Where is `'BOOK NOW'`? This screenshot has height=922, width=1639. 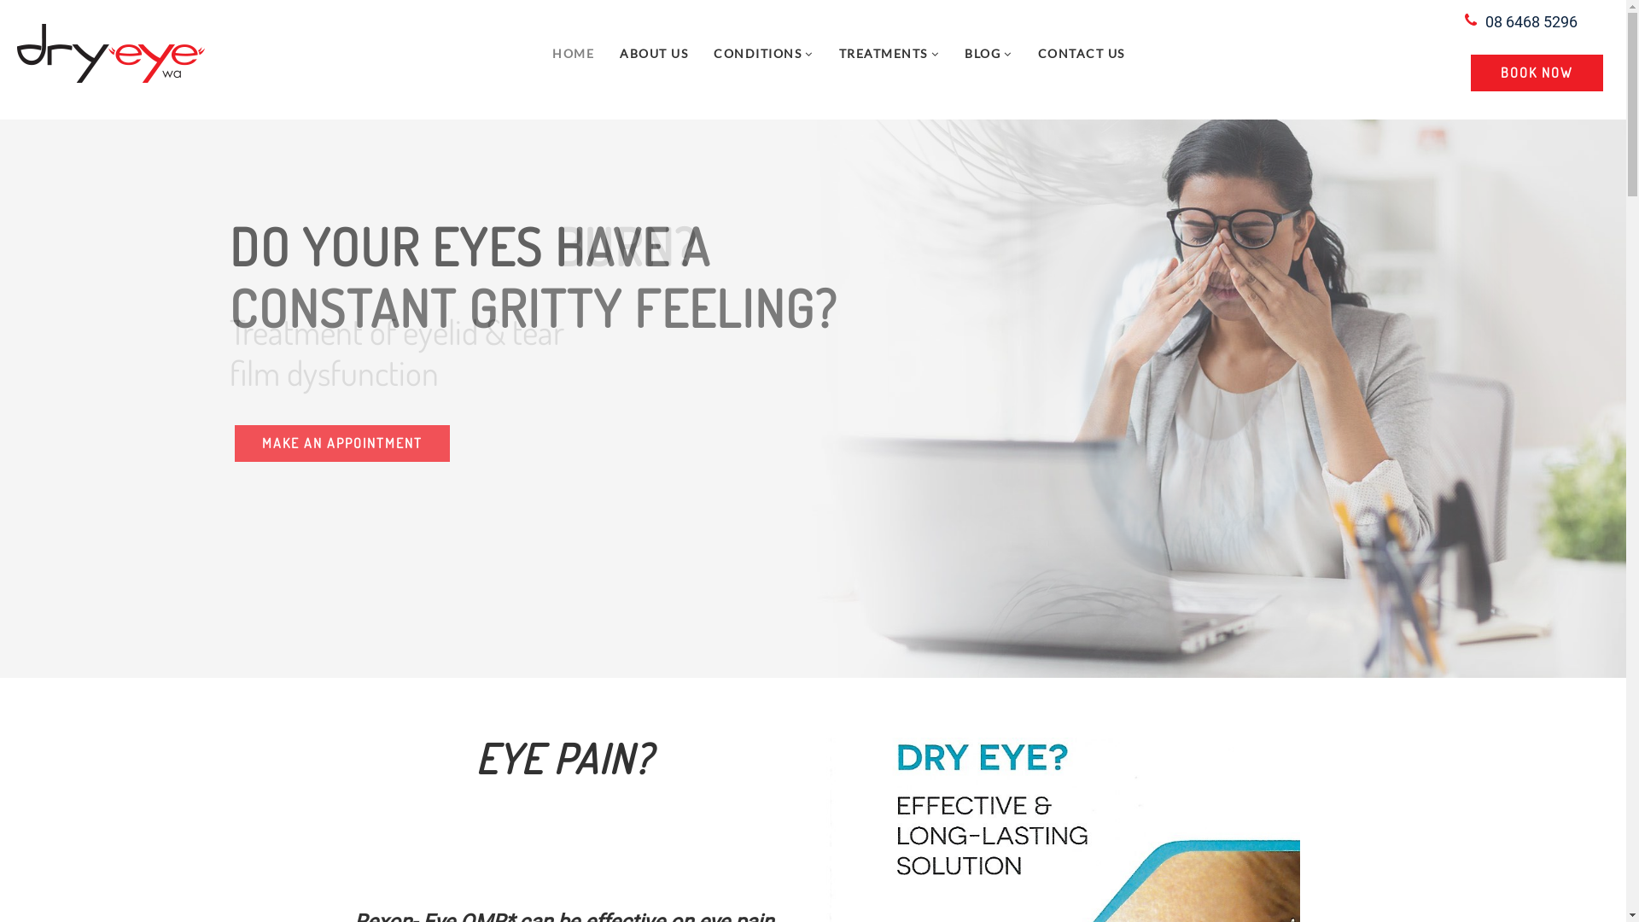
'BOOK NOW' is located at coordinates (1537, 72).